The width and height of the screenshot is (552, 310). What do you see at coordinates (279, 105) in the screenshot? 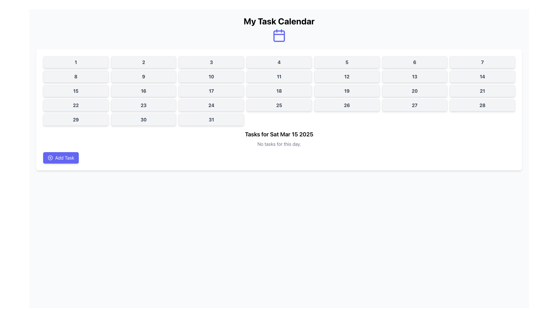
I see `the button labeled '25' in the My Task Calendar grid` at bounding box center [279, 105].